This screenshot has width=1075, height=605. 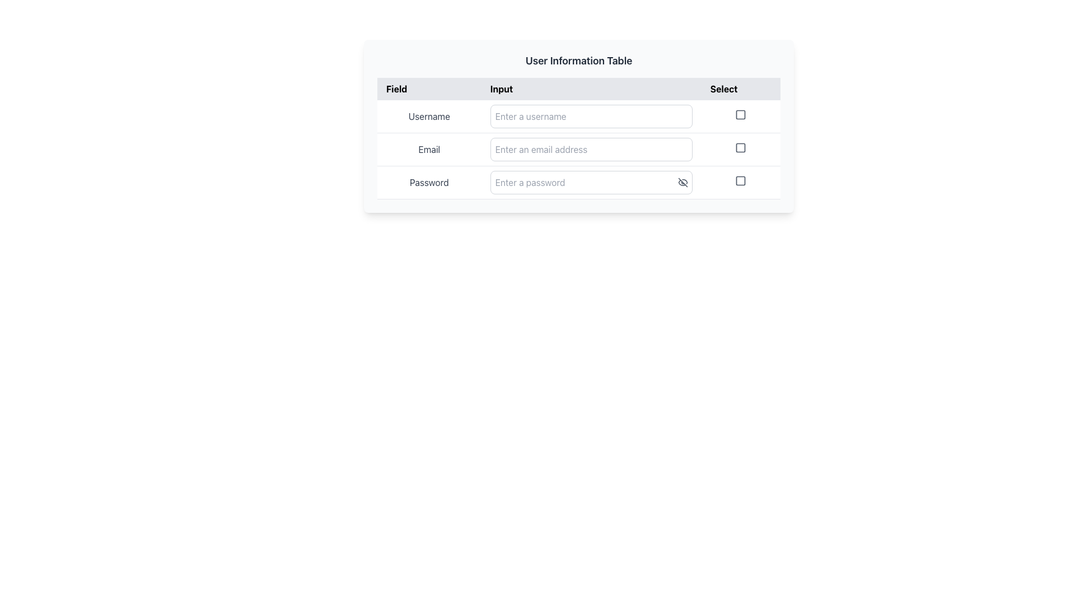 I want to click on the button located in the 'Select' column of the last row labeled 'Password' in the User Information Table, so click(x=741, y=180).